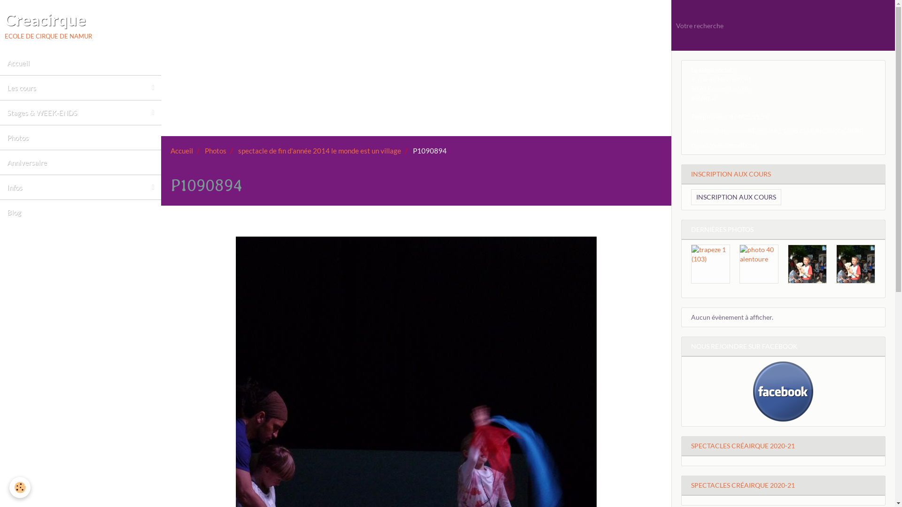  I want to click on 'Infos', so click(80, 187).